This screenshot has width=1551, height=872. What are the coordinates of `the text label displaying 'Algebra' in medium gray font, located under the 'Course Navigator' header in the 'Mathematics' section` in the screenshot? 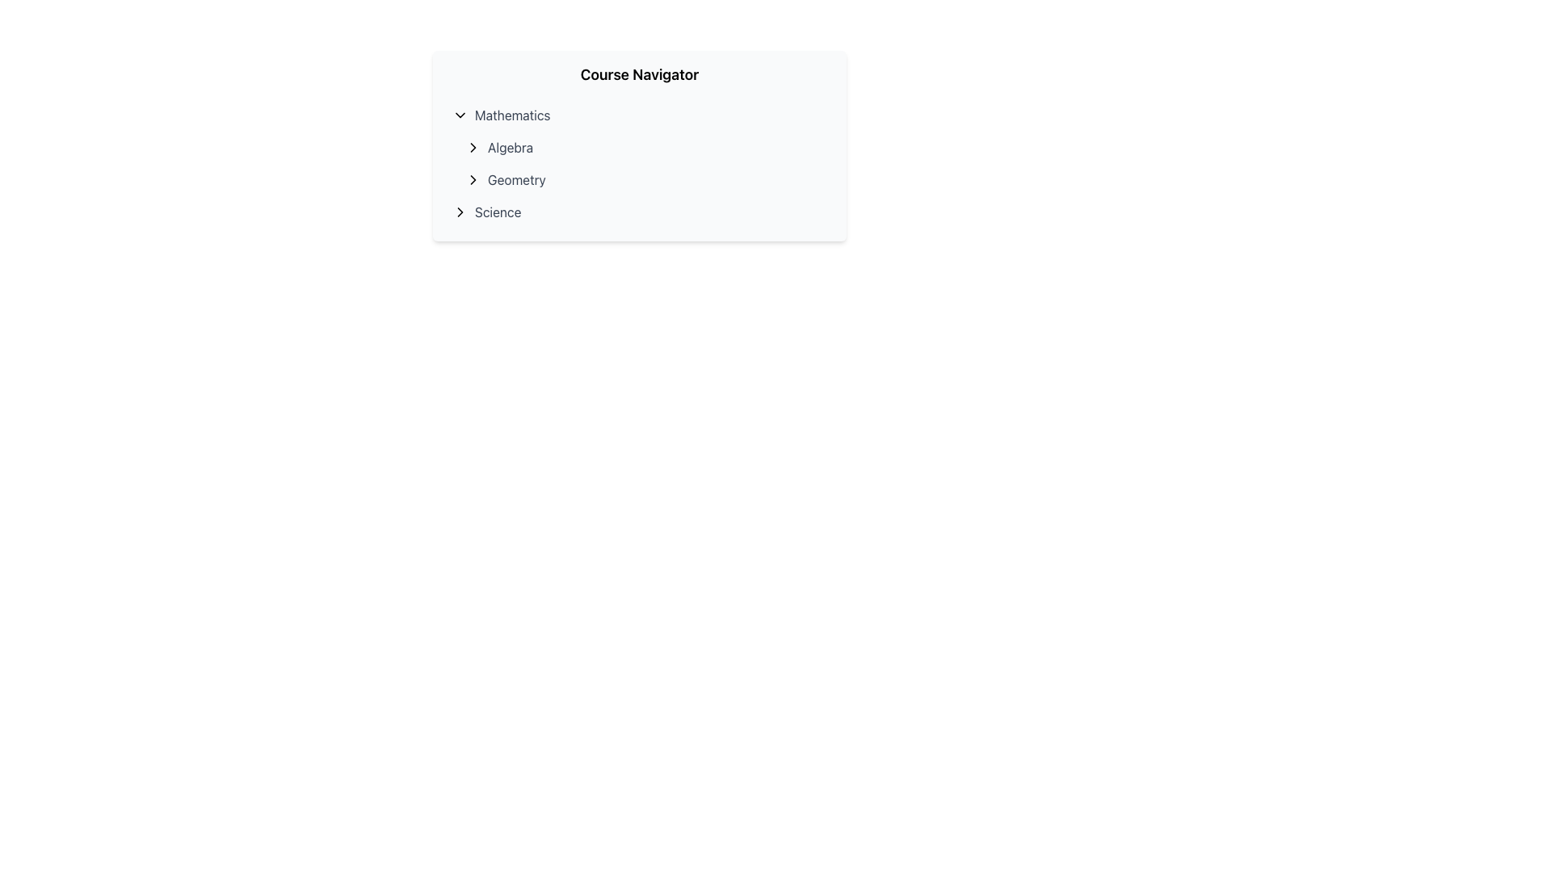 It's located at (510, 147).